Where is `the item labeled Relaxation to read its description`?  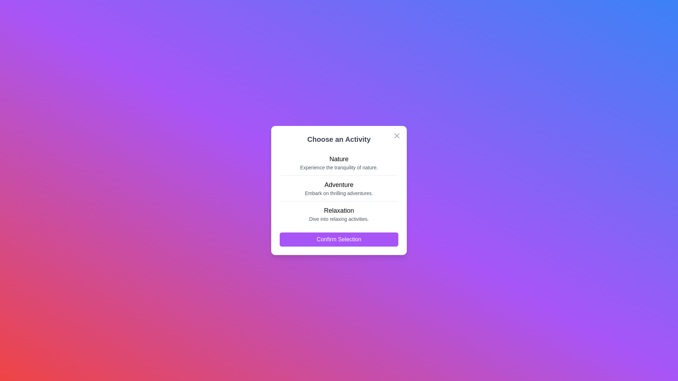 the item labeled Relaxation to read its description is located at coordinates (339, 213).